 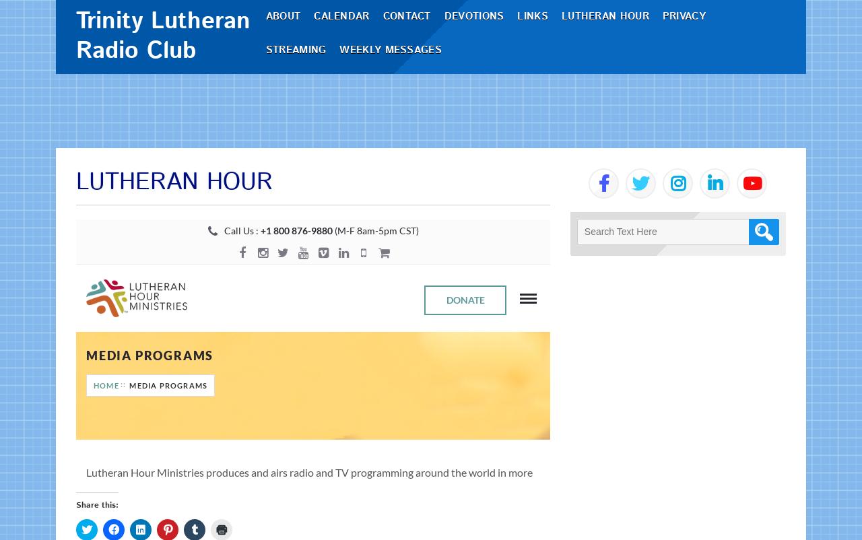 I want to click on 'Contact', so click(x=386, y=53).